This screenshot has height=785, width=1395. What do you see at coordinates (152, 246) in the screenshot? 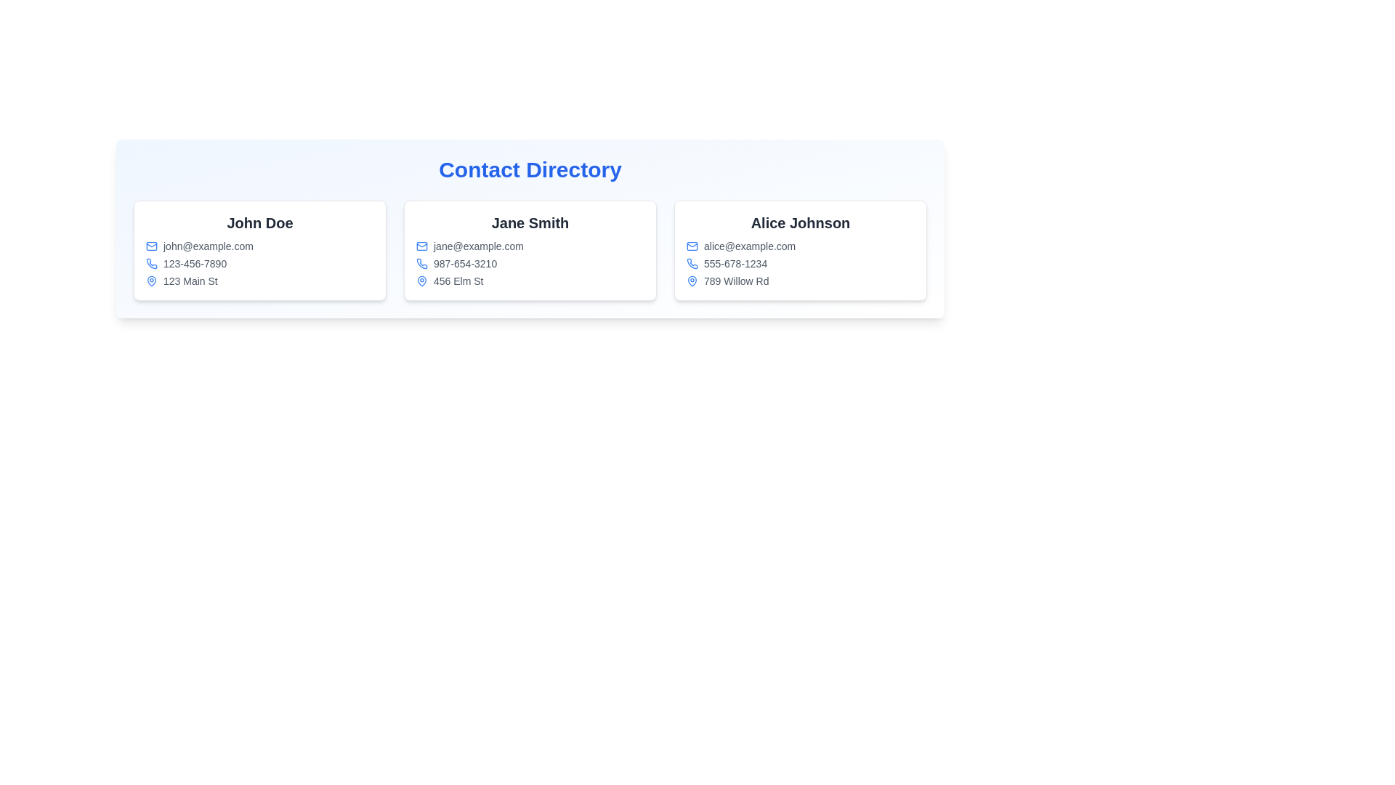
I see `the blue envelope-shaped icon representing email communication, which is located next to the text 'john@example.com' in the 'Contact Directory' section` at bounding box center [152, 246].